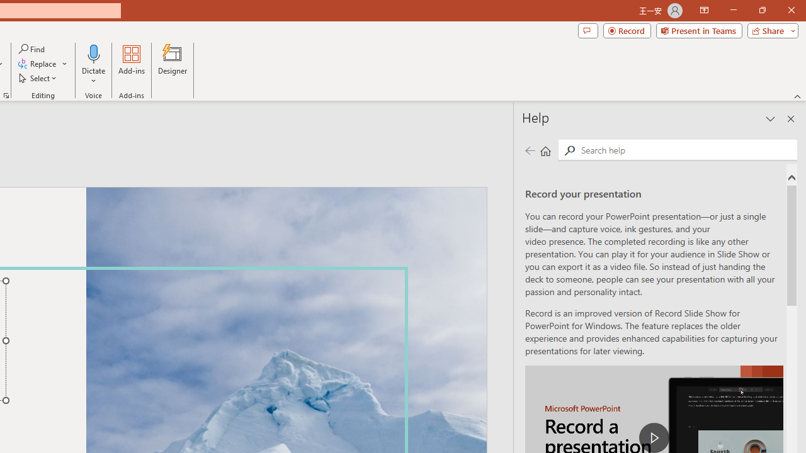  I want to click on 'Close pane', so click(790, 119).